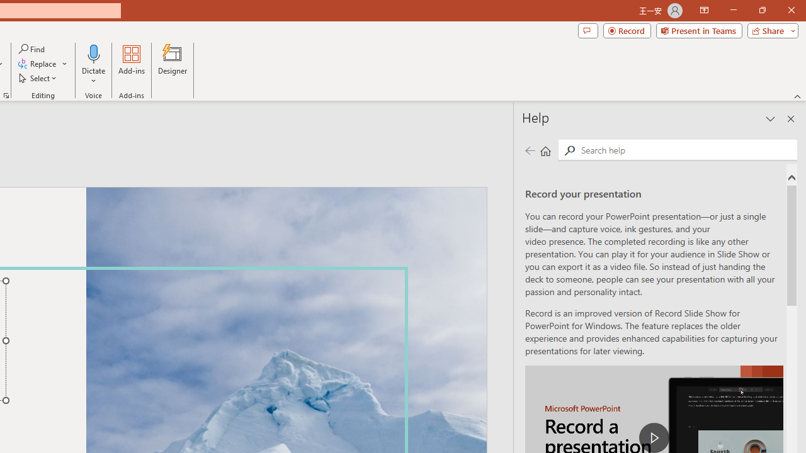  I want to click on 'Close pane', so click(790, 119).